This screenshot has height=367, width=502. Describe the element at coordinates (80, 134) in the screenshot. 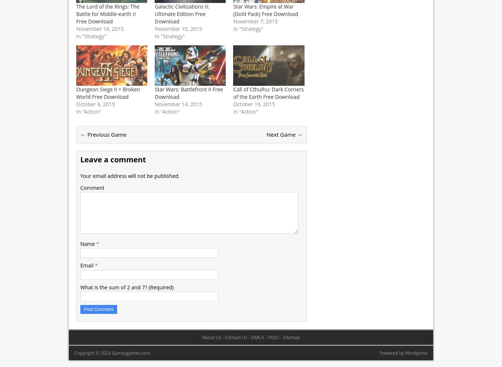

I see `'← Previous Game'` at that location.